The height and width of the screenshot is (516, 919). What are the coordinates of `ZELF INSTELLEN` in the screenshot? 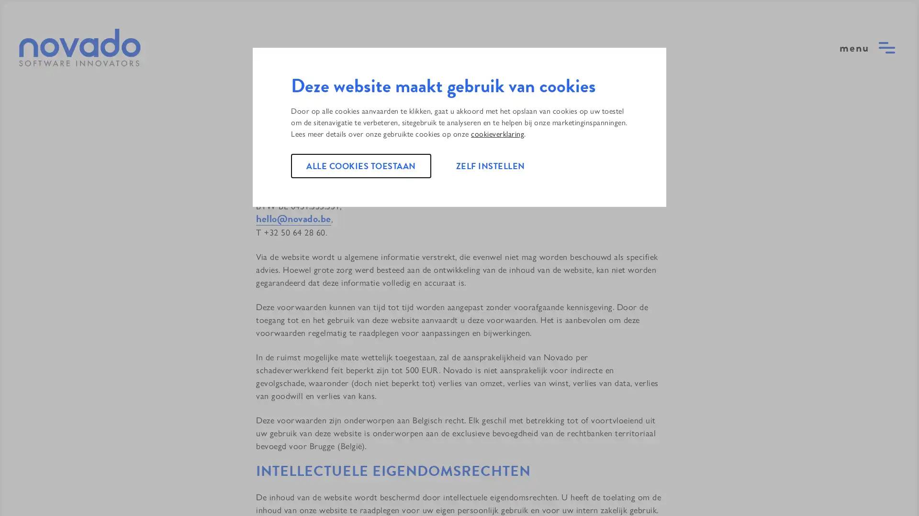 It's located at (490, 165).